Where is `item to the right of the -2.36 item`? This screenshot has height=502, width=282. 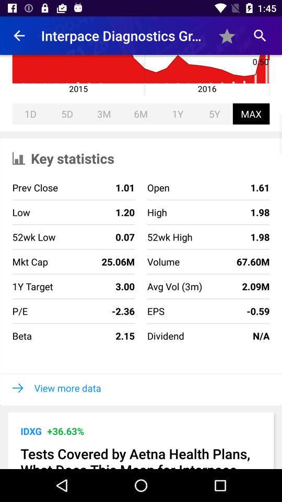
item to the right of the -2.36 item is located at coordinates (166, 335).